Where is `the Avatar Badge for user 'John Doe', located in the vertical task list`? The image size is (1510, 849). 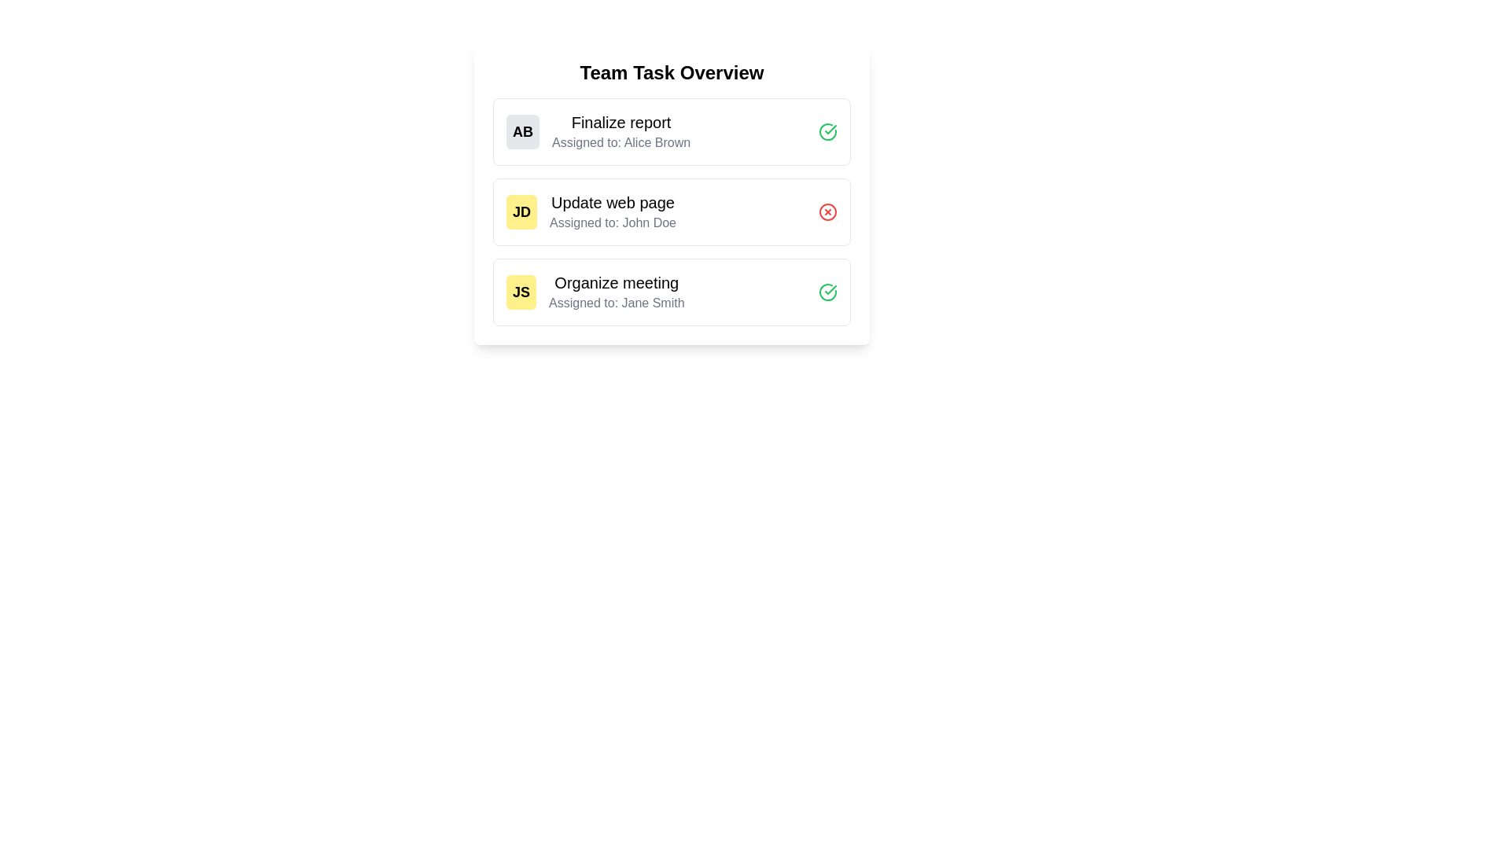 the Avatar Badge for user 'John Doe', located in the vertical task list is located at coordinates (521, 212).